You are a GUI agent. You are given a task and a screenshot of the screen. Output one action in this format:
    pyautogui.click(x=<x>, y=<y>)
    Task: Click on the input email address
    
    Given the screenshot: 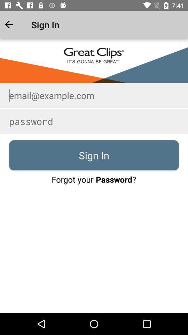 What is the action you would take?
    pyautogui.click(x=94, y=95)
    